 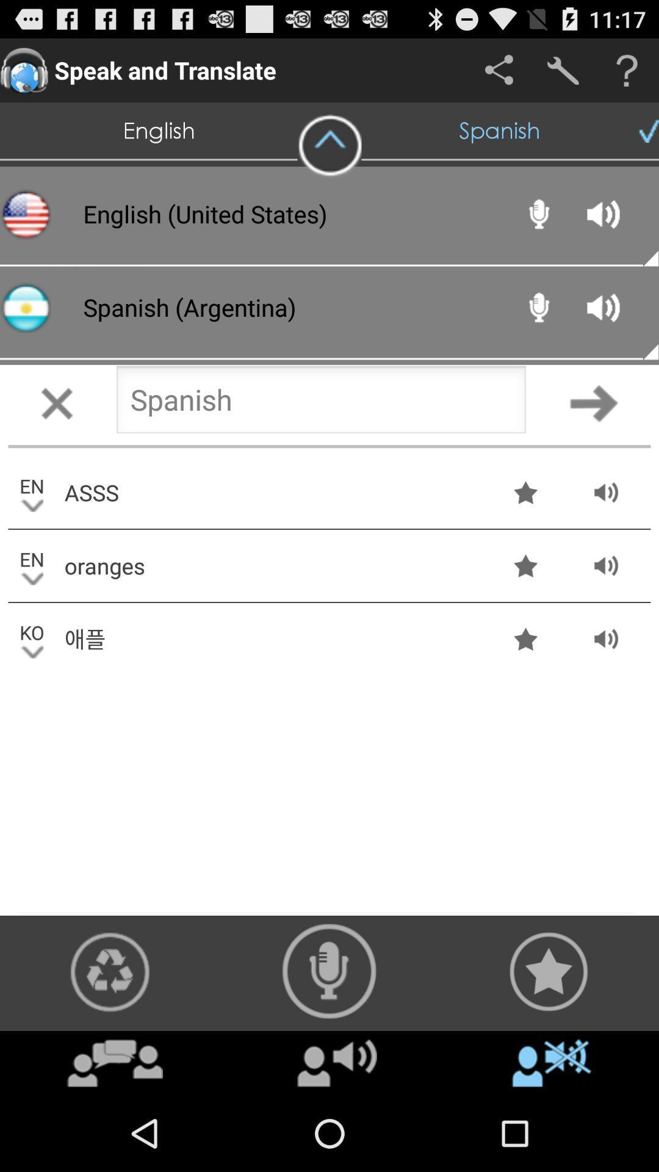 What do you see at coordinates (552, 1062) in the screenshot?
I see `icon` at bounding box center [552, 1062].